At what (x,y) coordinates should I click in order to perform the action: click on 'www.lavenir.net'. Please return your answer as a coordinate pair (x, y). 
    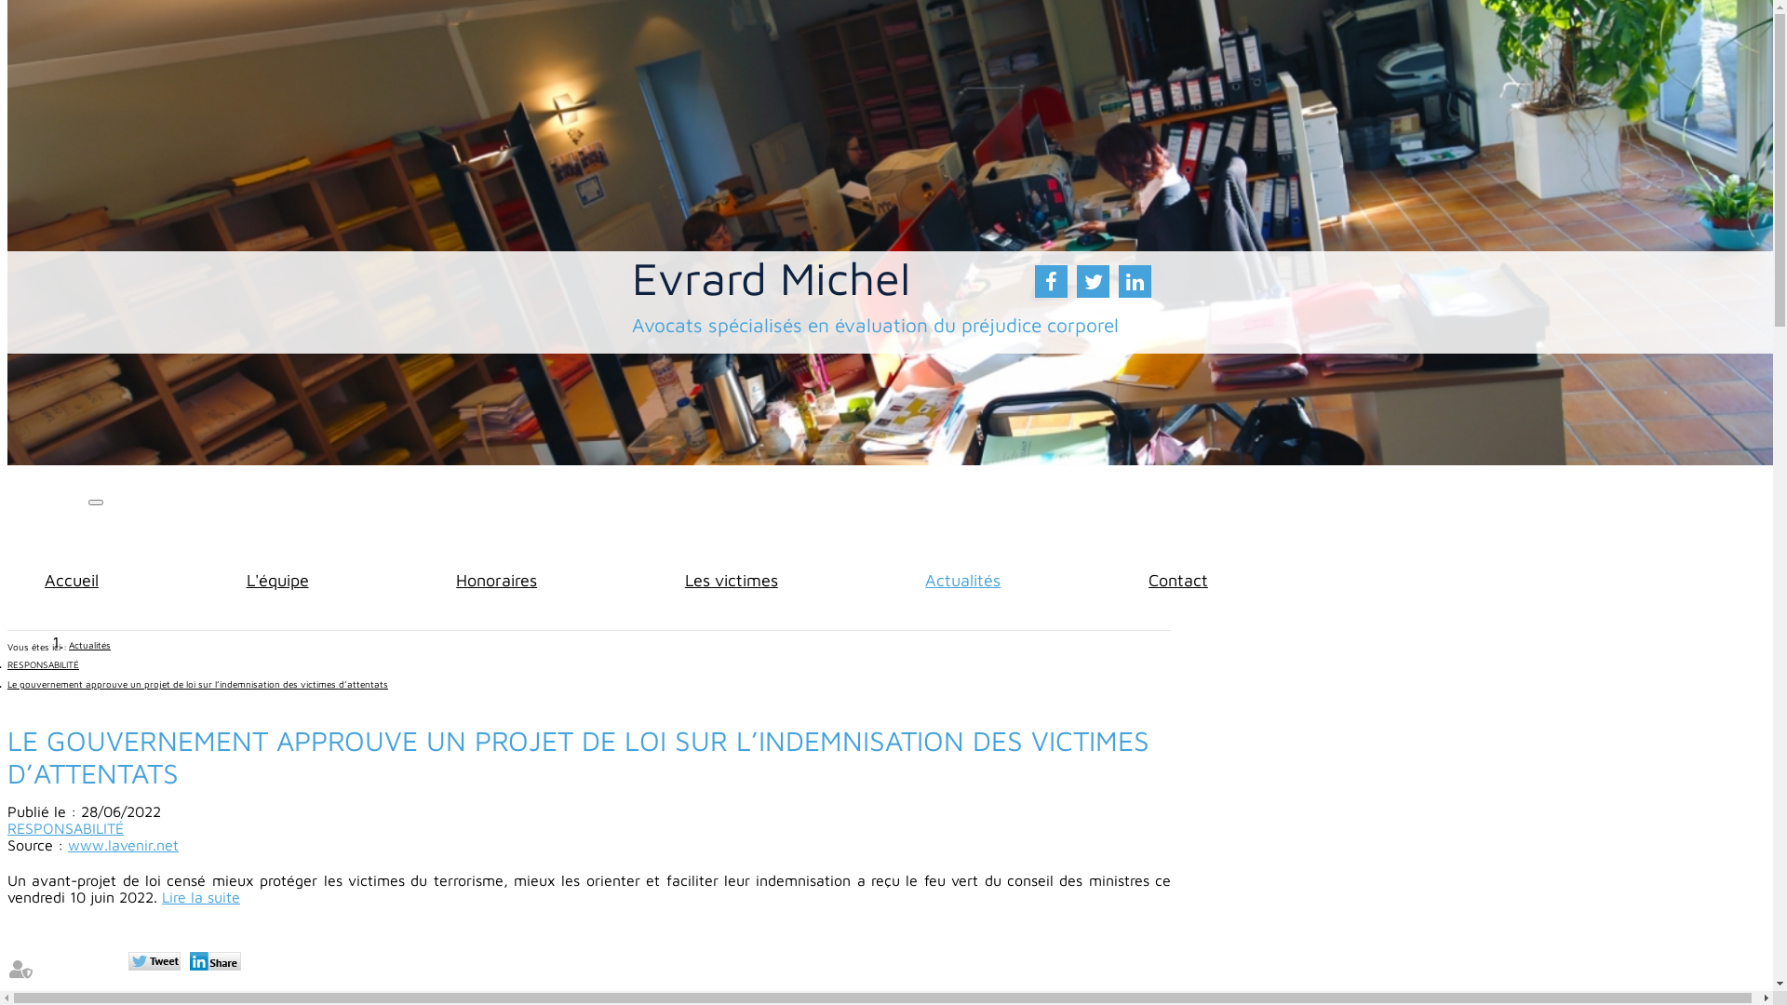
    Looking at the image, I should click on (122, 844).